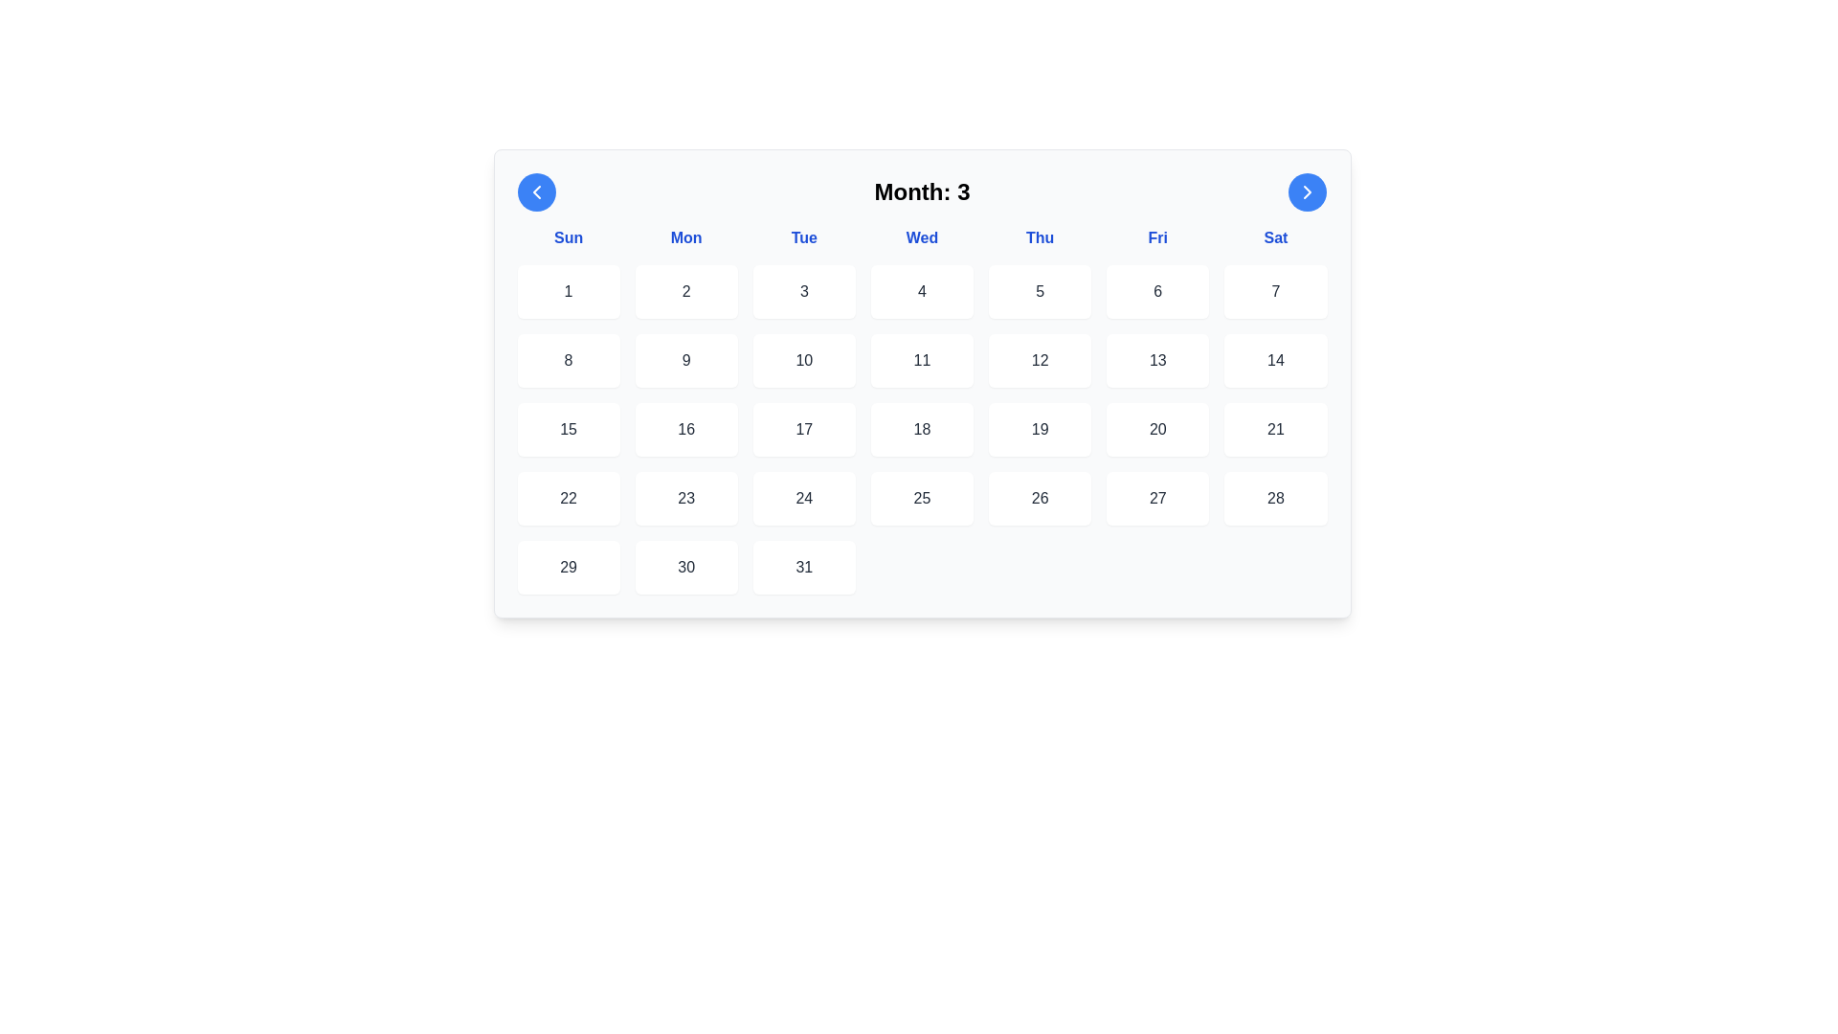 The width and height of the screenshot is (1838, 1034). I want to click on the text label displaying 'Tue', which is the third element in a row of weekday names, styled with bold blue text, located at the top of the calendar interface, so click(804, 237).